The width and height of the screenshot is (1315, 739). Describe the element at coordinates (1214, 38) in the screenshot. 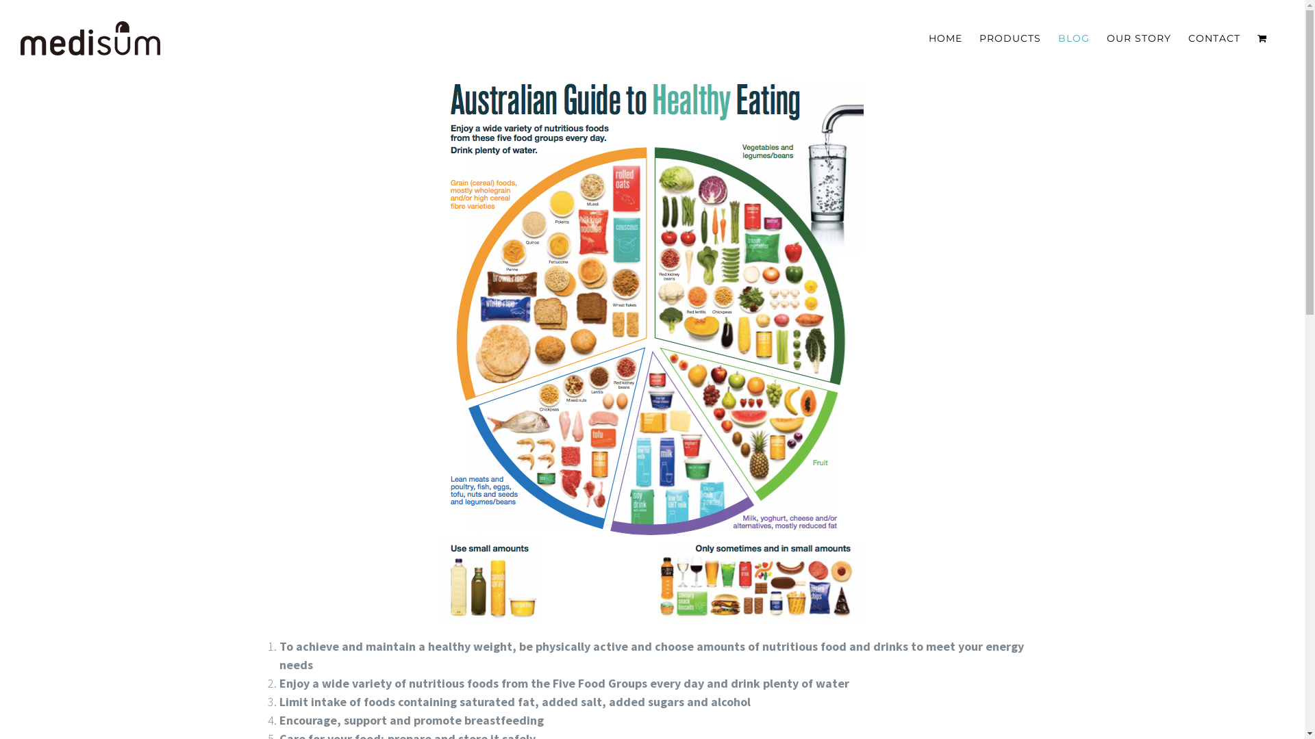

I see `'CONTACT'` at that location.